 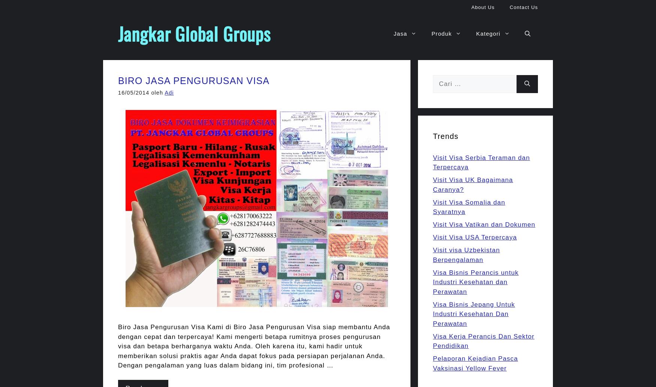 I want to click on 'Kategori', so click(x=488, y=33).